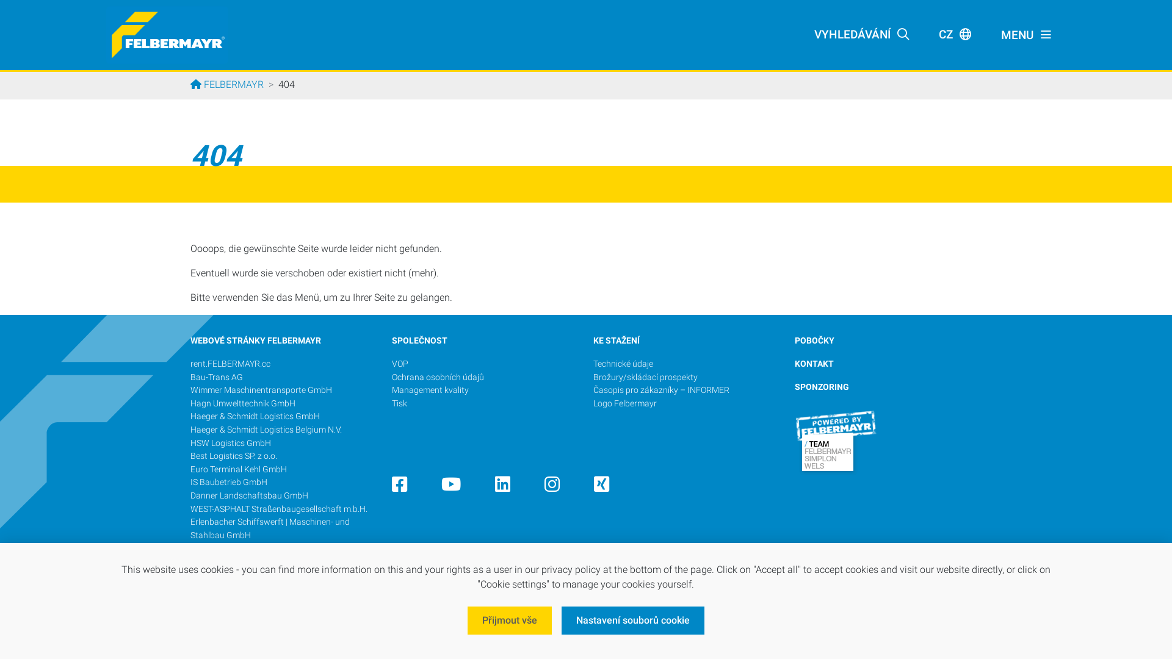 This screenshot has height=659, width=1172. I want to click on 'Wimmer Maschinentransporte GmbH', so click(260, 390).